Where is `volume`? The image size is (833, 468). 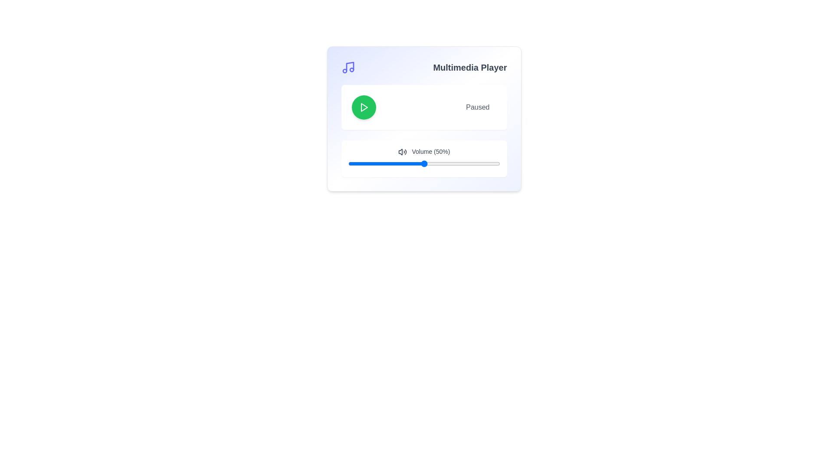 volume is located at coordinates (466, 164).